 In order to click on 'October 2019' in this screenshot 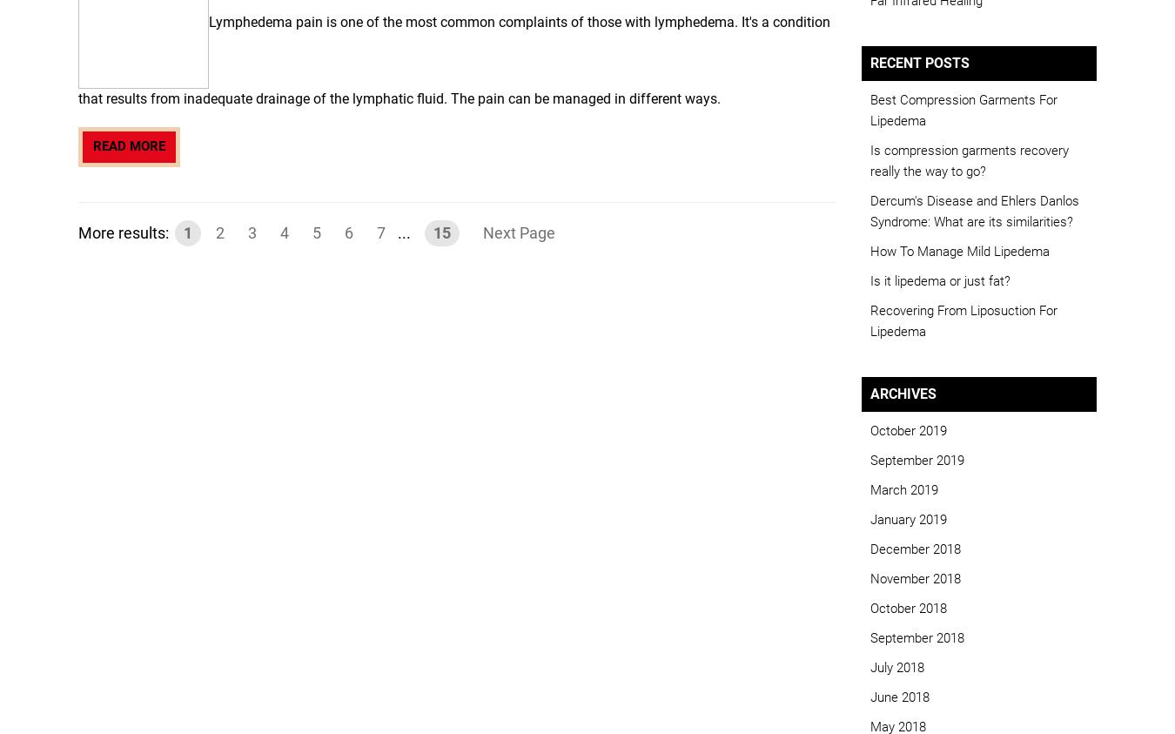, I will do `click(908, 429)`.